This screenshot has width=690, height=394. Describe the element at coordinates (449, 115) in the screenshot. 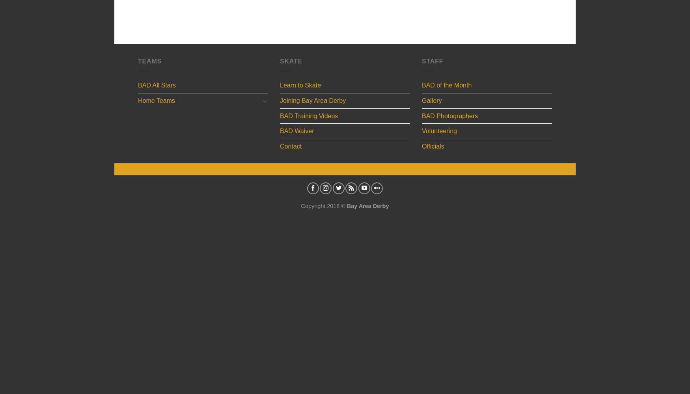

I see `'BAD Photographers'` at that location.